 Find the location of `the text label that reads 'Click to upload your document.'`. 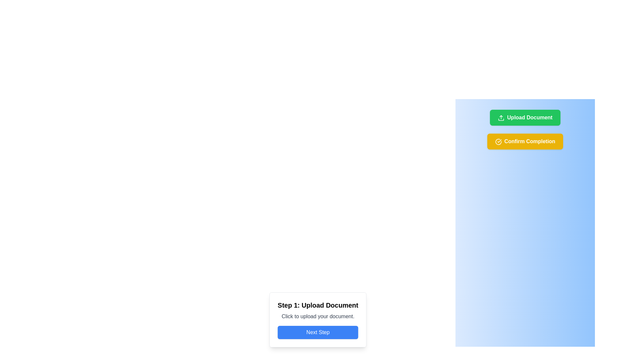

the text label that reads 'Click to upload your document.' is located at coordinates (318, 316).